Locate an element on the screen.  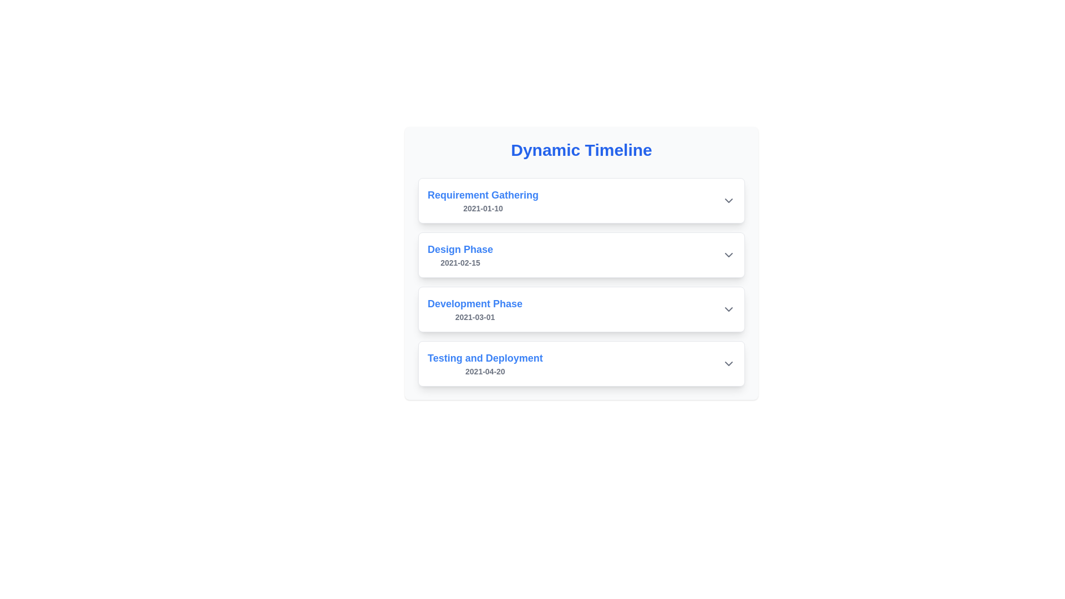
text of the fourth item in the vertical list of the timeline, located below 'Development Phase / 2021-03-01' is located at coordinates (485, 363).